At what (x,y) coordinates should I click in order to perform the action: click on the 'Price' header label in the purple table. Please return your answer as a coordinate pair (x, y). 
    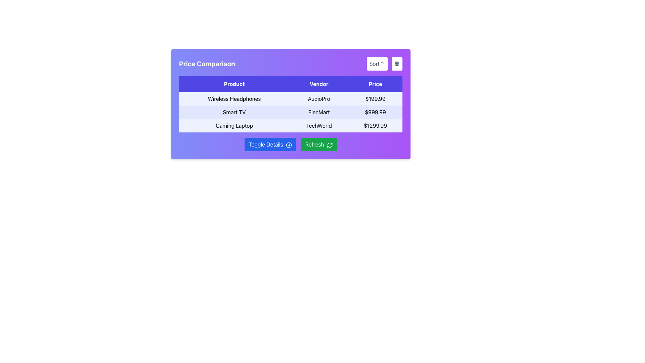
    Looking at the image, I should click on (375, 84).